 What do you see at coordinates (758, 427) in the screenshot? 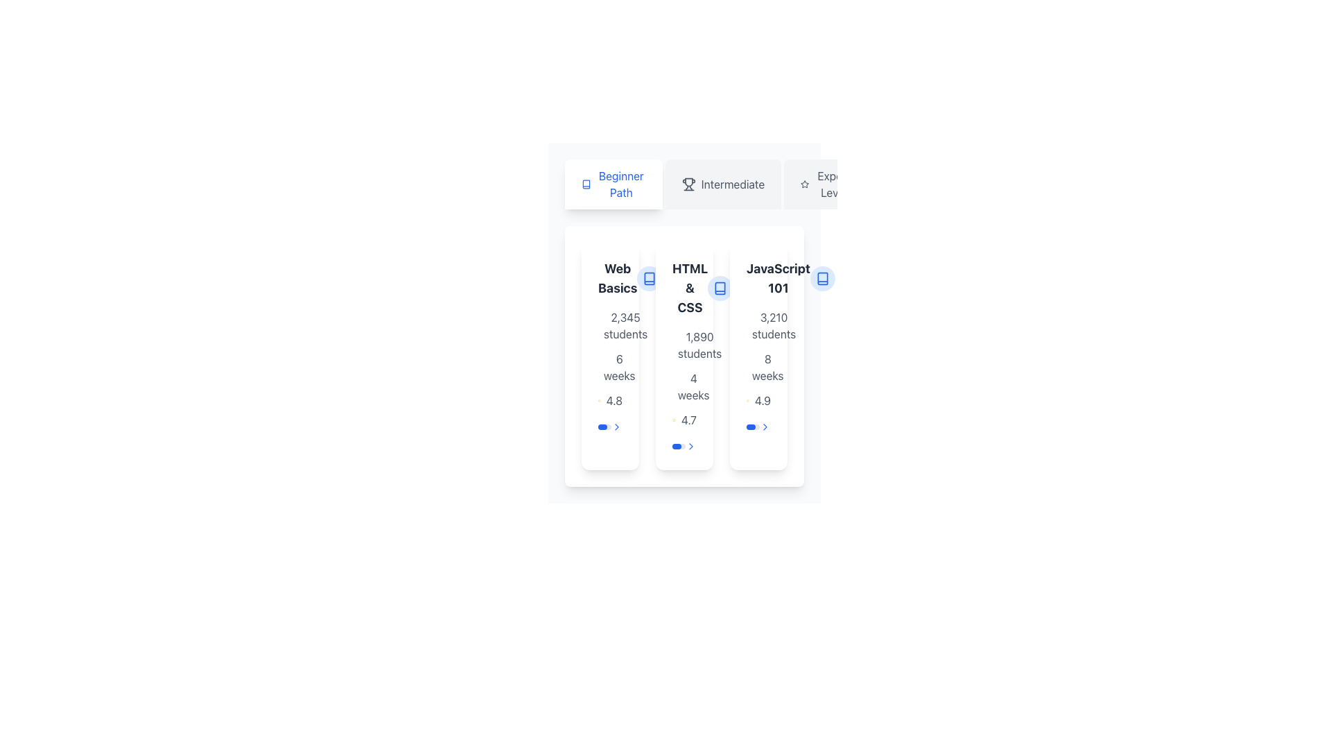
I see `the progress bar located at the bottom of the 'JavaScript 101' course card, just above its lower boundary, to potentially trigger dynamic functionality` at bounding box center [758, 427].